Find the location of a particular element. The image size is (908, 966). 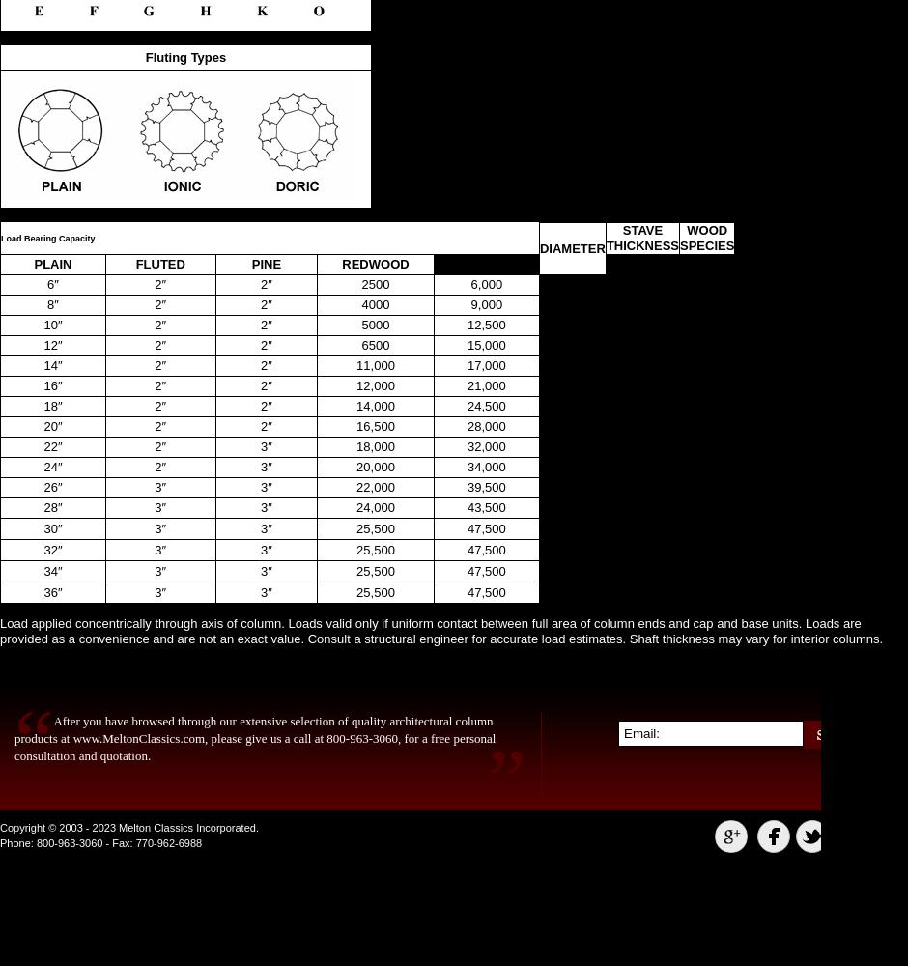

'22″' is located at coordinates (51, 445).